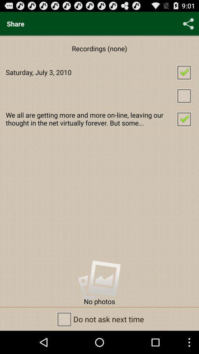 This screenshot has width=199, height=354. Describe the element at coordinates (188, 25) in the screenshot. I see `the share icon` at that location.